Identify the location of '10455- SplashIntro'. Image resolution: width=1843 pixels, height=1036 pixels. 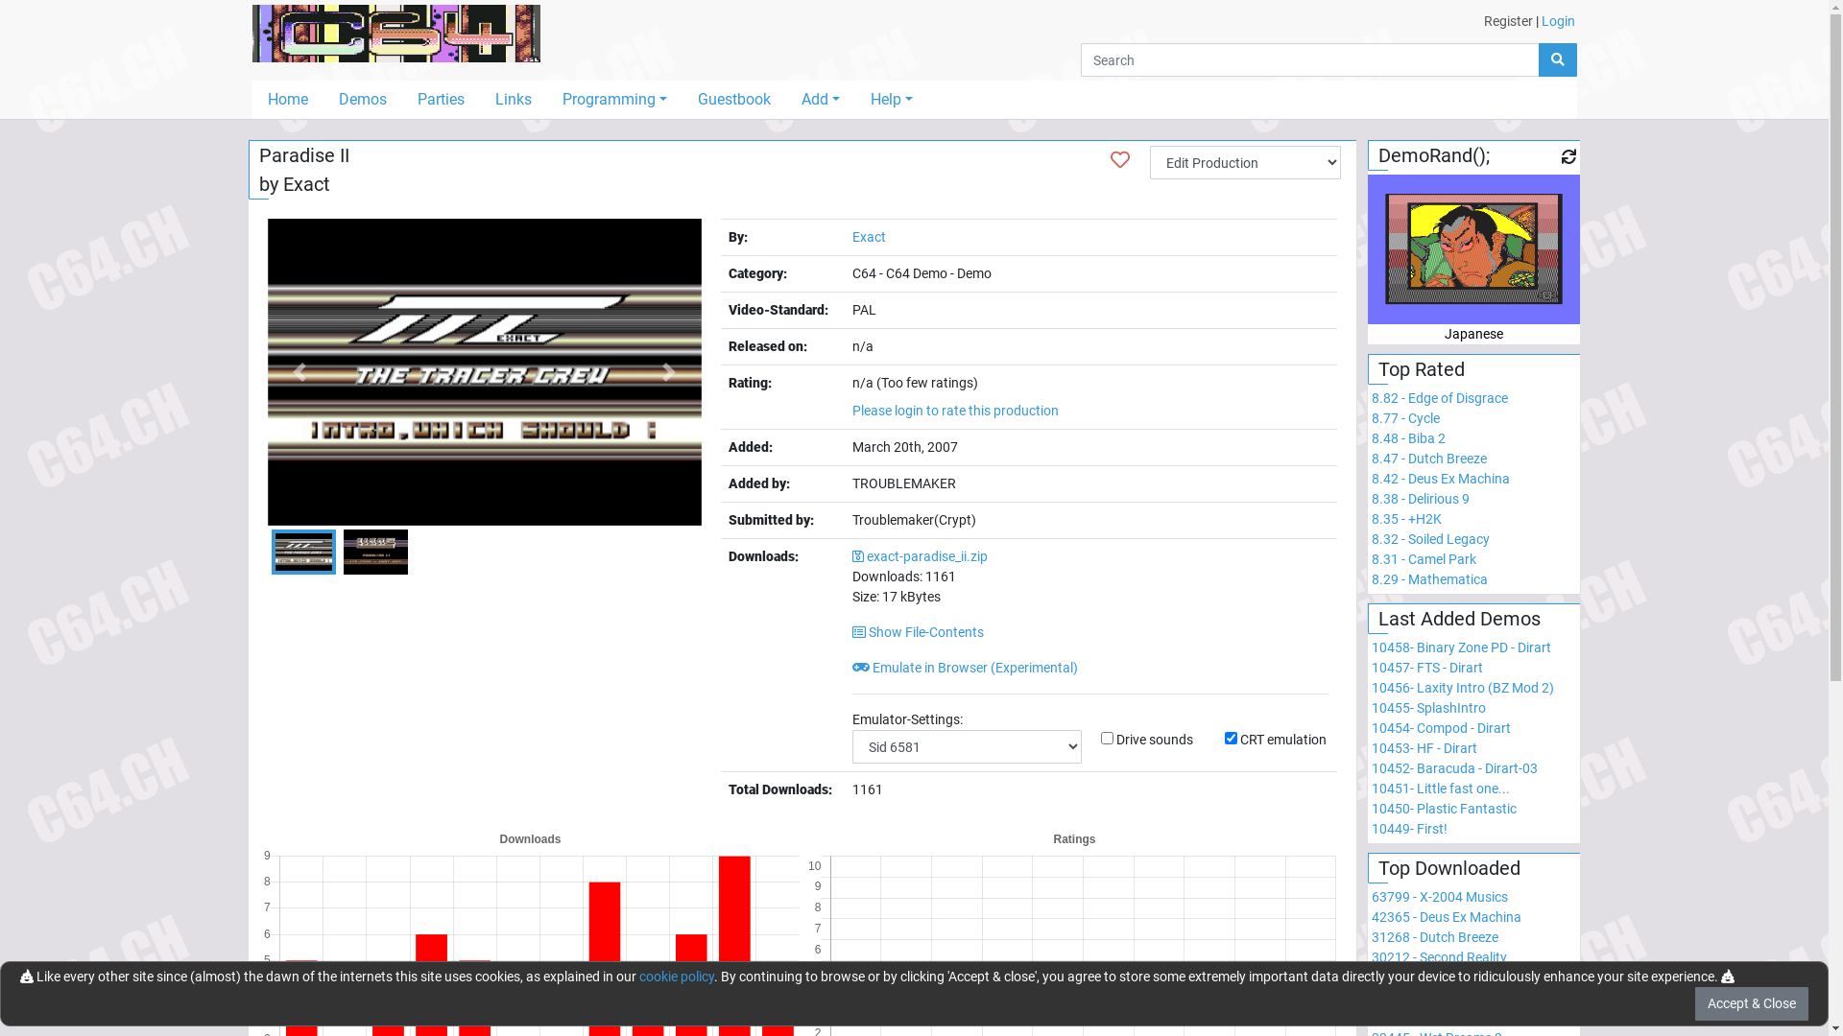
(1428, 707).